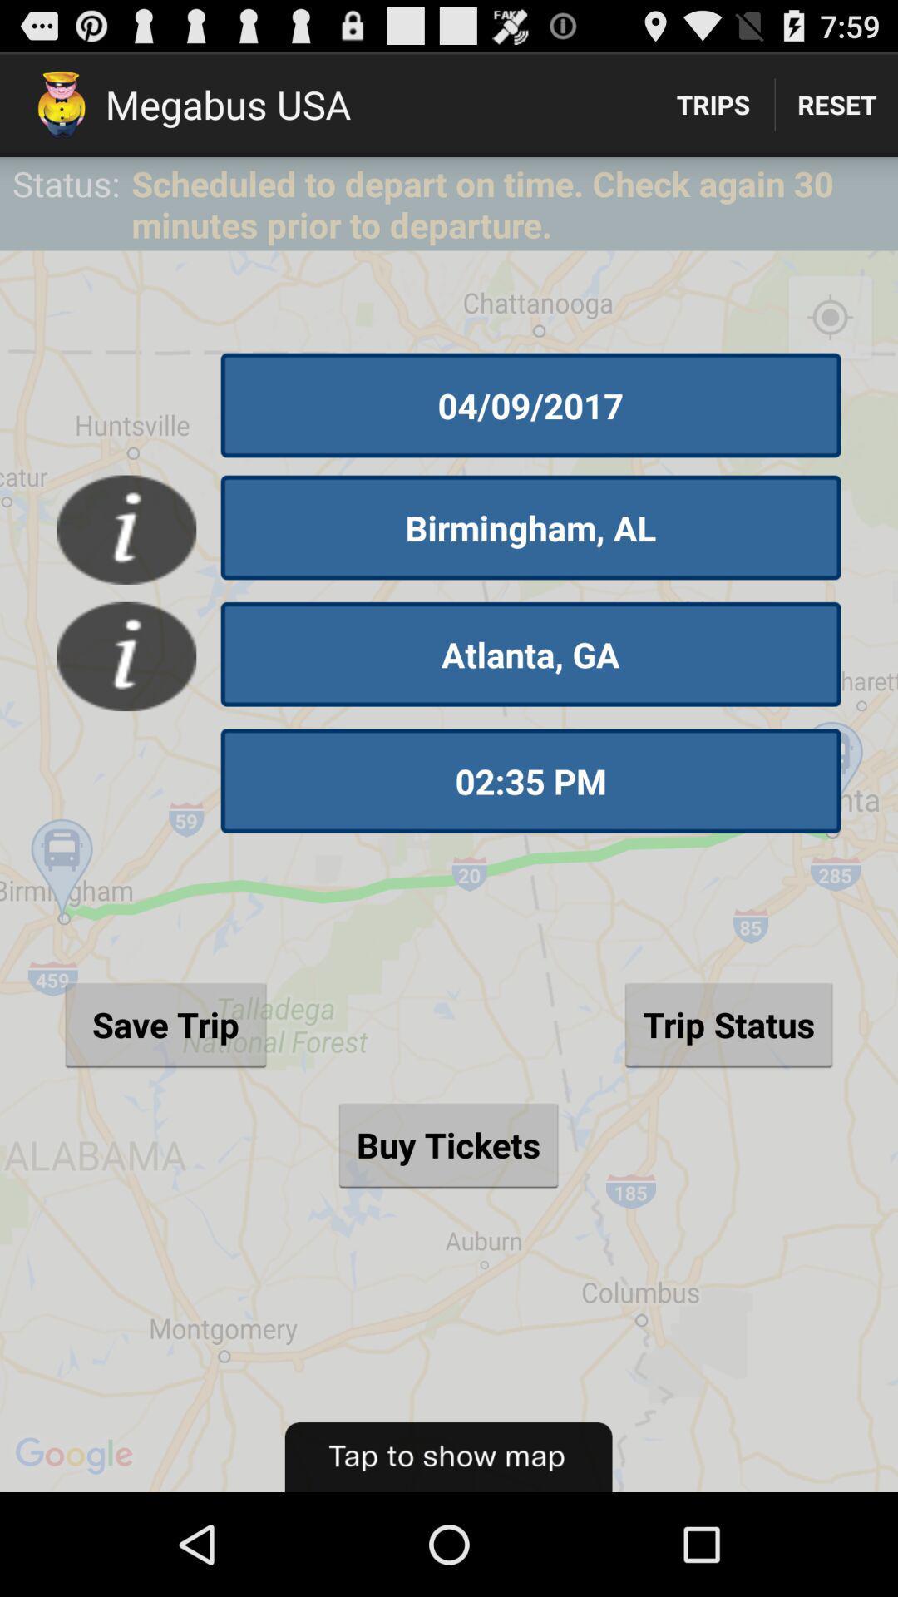 The height and width of the screenshot is (1597, 898). What do you see at coordinates (530, 780) in the screenshot?
I see `the item above save trip button` at bounding box center [530, 780].